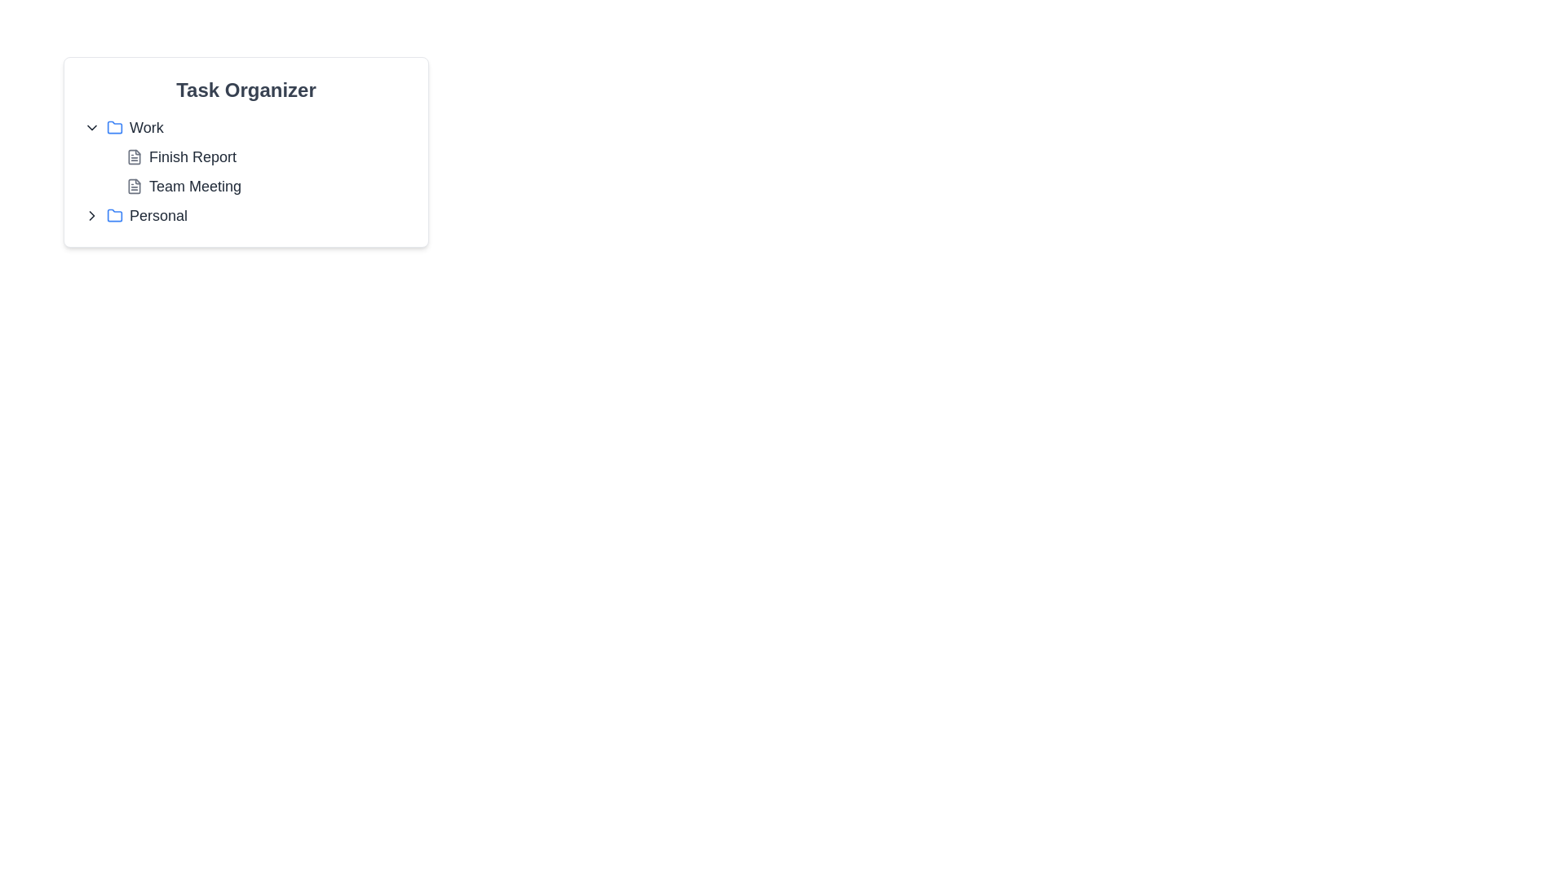 Image resolution: width=1566 pixels, height=880 pixels. Describe the element at coordinates (134, 156) in the screenshot. I see `the light gray file icon with a folded top-right corner located to the left of the 'Finish Report' text under the 'Work' folder` at that location.